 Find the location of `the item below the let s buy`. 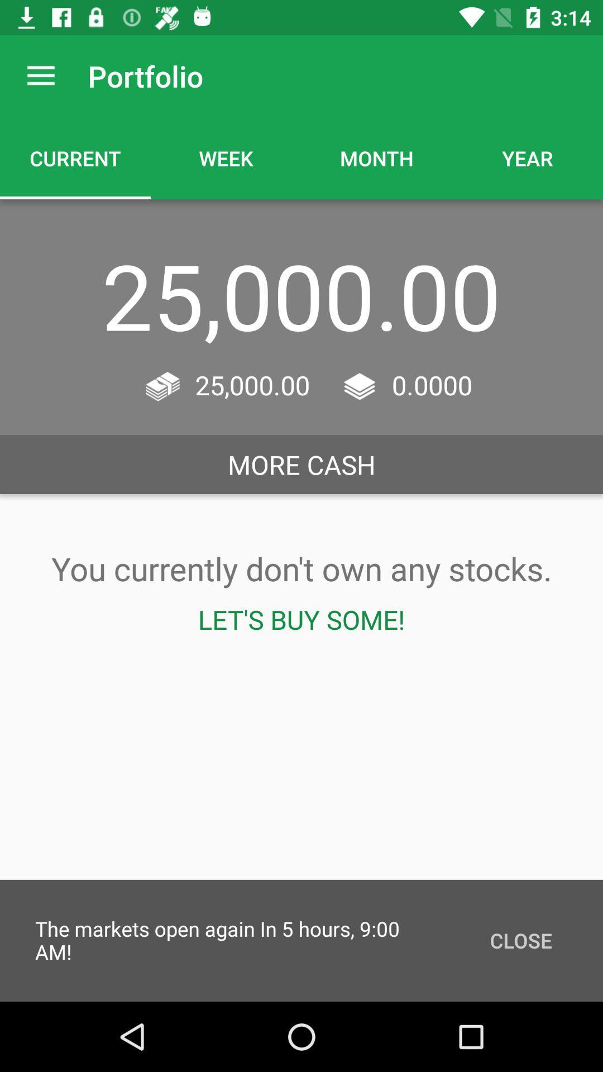

the item below the let s buy is located at coordinates (521, 940).